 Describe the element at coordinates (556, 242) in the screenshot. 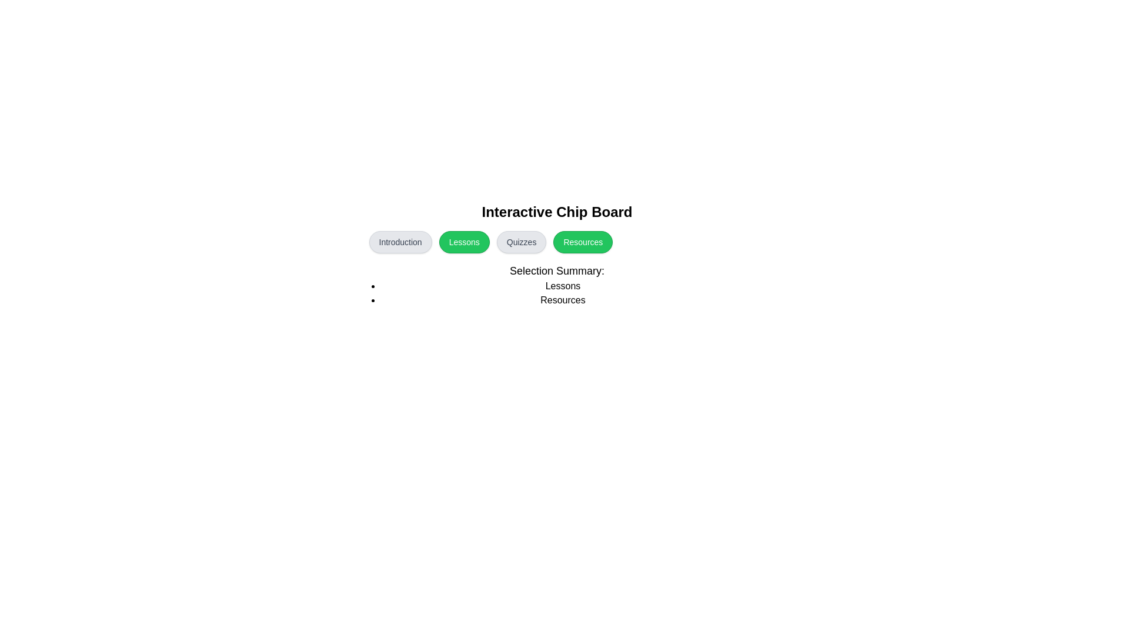

I see `the fourth interactive chip labeled 'Resources' in the row of chips styled for selection or navigation, located below the heading 'Interactive Chip Board'` at that location.